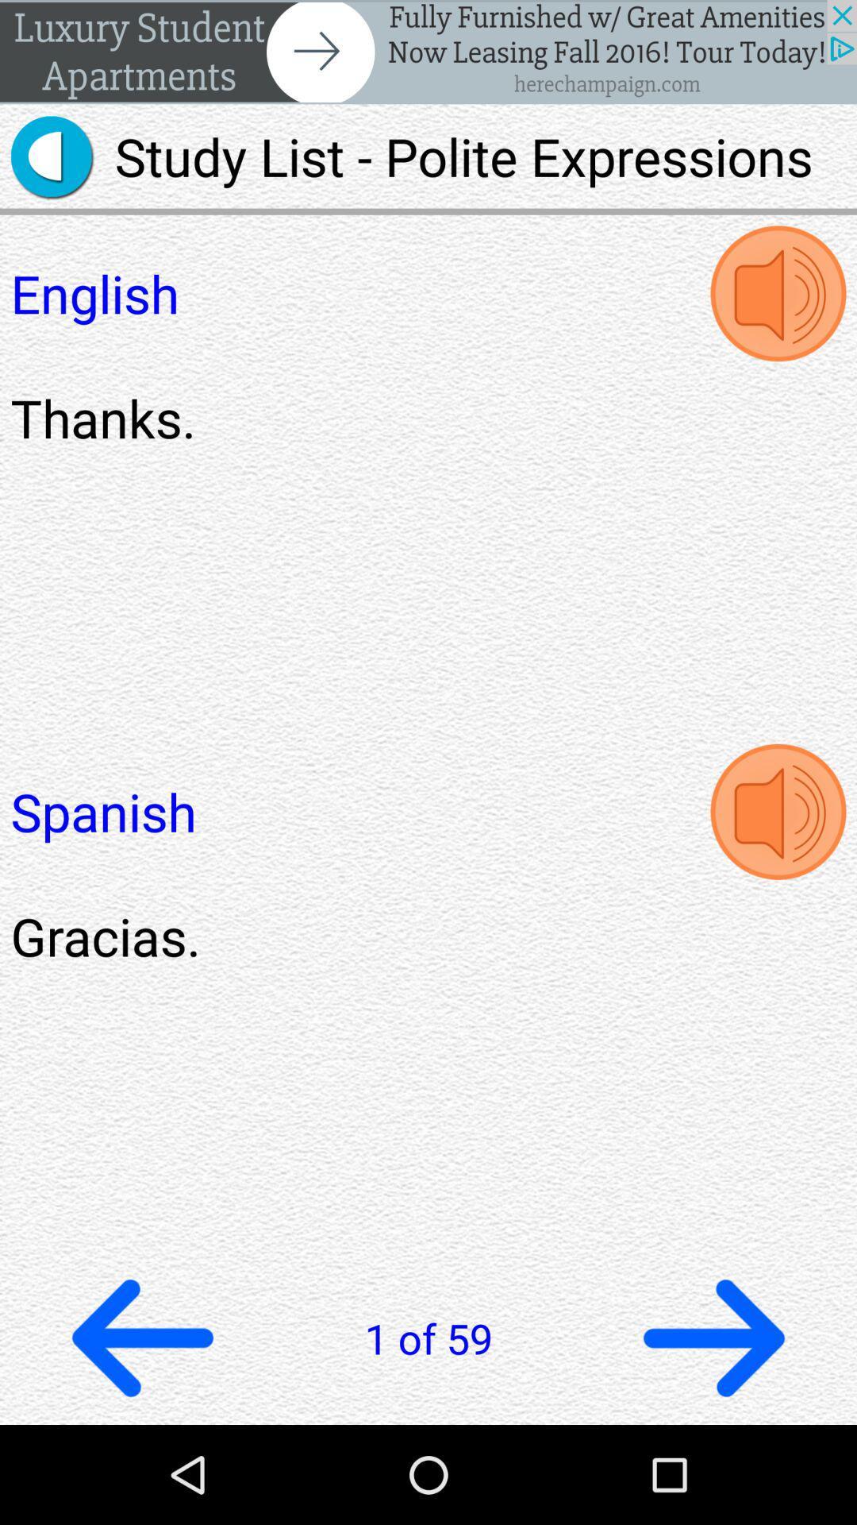 This screenshot has width=857, height=1525. Describe the element at coordinates (428, 52) in the screenshot. I see `advertisement panel` at that location.